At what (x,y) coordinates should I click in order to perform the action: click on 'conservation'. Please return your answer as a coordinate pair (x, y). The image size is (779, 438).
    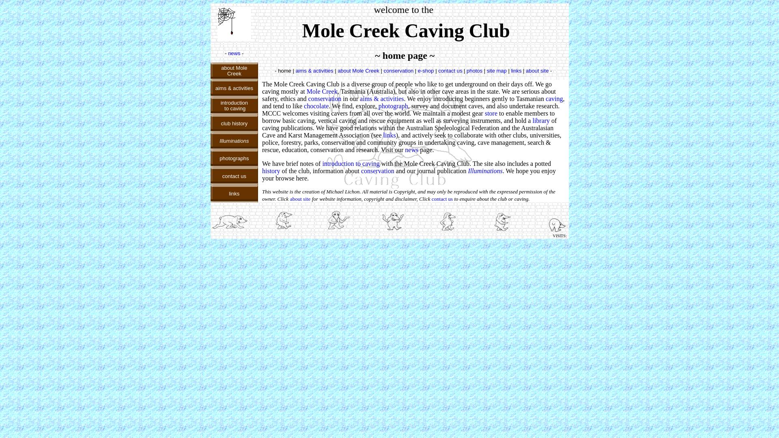
    Looking at the image, I should click on (360, 170).